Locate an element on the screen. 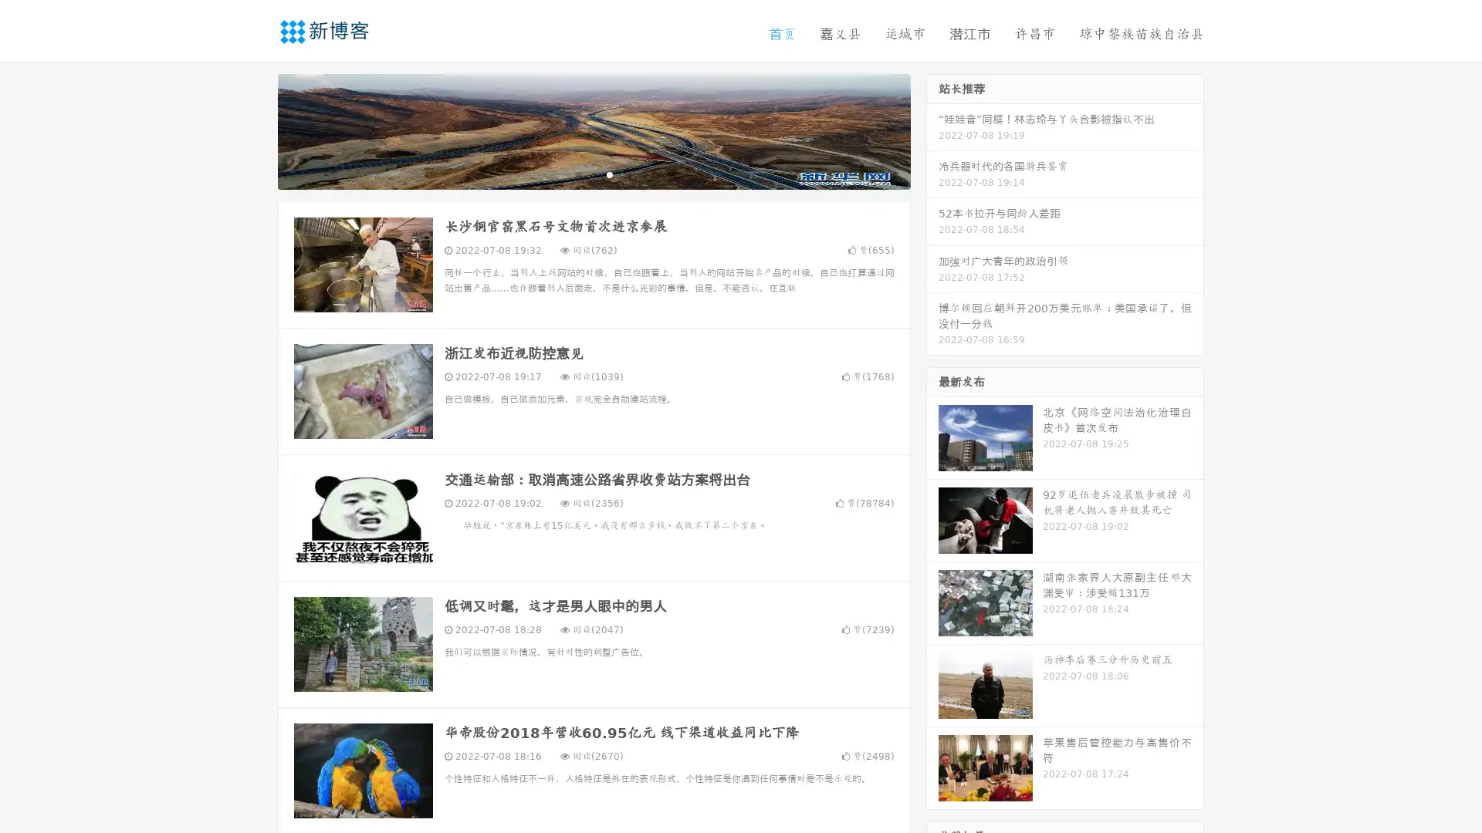 Image resolution: width=1482 pixels, height=833 pixels. Previous slide is located at coordinates (255, 130).